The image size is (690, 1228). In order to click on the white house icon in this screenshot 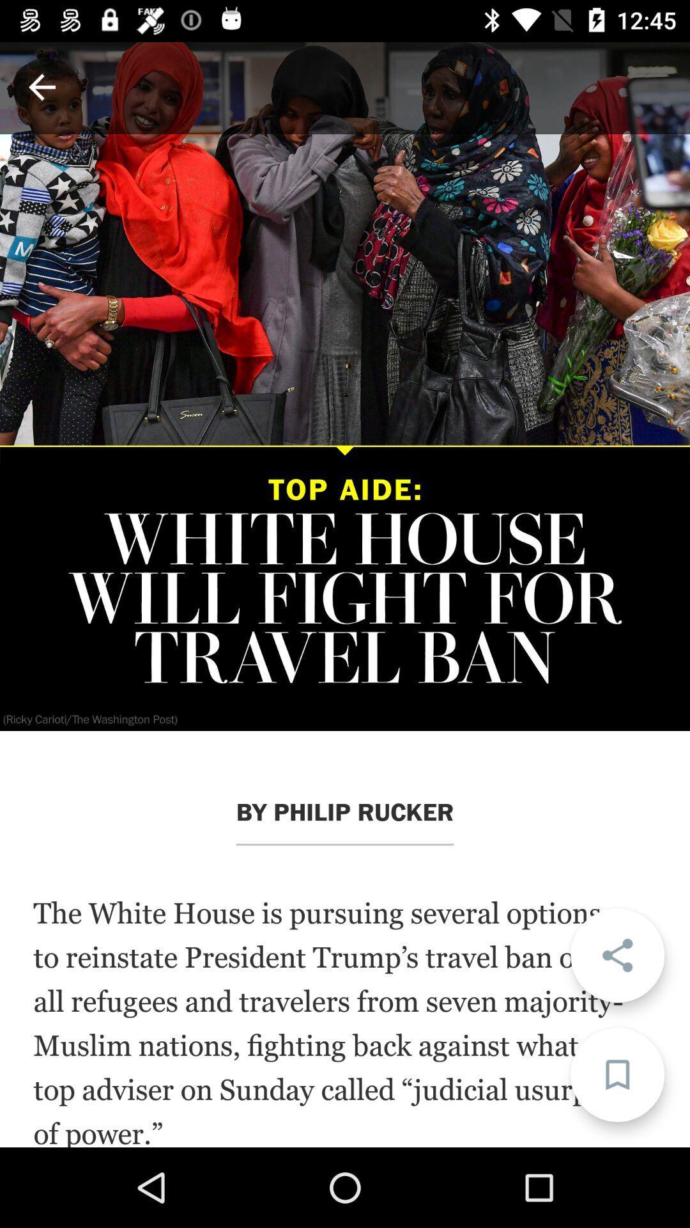, I will do `click(345, 1021)`.